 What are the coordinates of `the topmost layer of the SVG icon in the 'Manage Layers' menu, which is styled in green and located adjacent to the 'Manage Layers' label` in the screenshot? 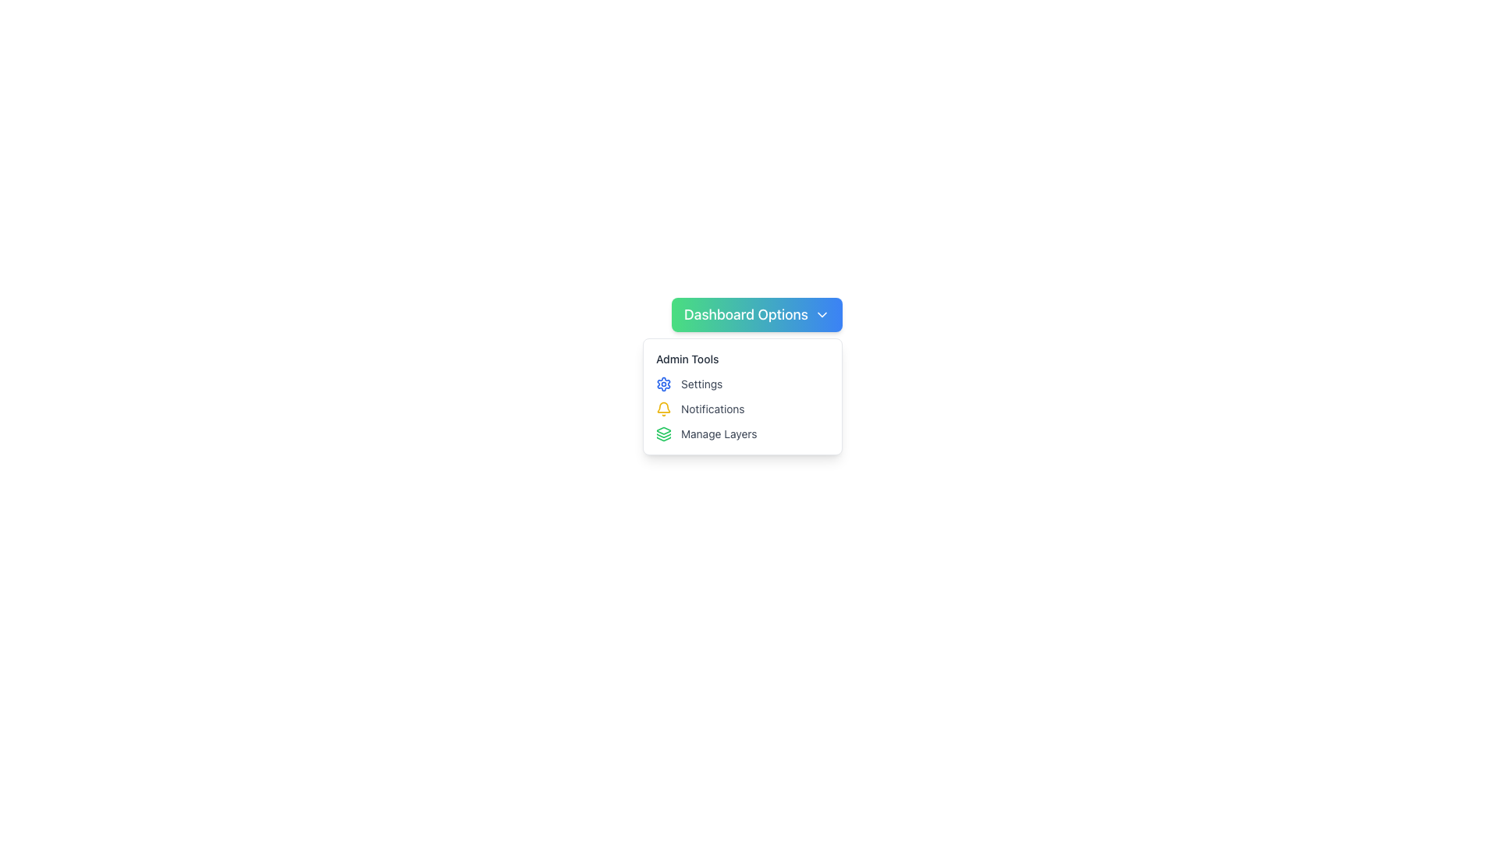 It's located at (663, 430).